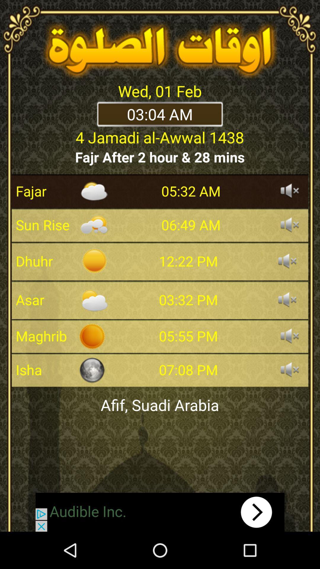  I want to click on the volume icon, so click(289, 336).